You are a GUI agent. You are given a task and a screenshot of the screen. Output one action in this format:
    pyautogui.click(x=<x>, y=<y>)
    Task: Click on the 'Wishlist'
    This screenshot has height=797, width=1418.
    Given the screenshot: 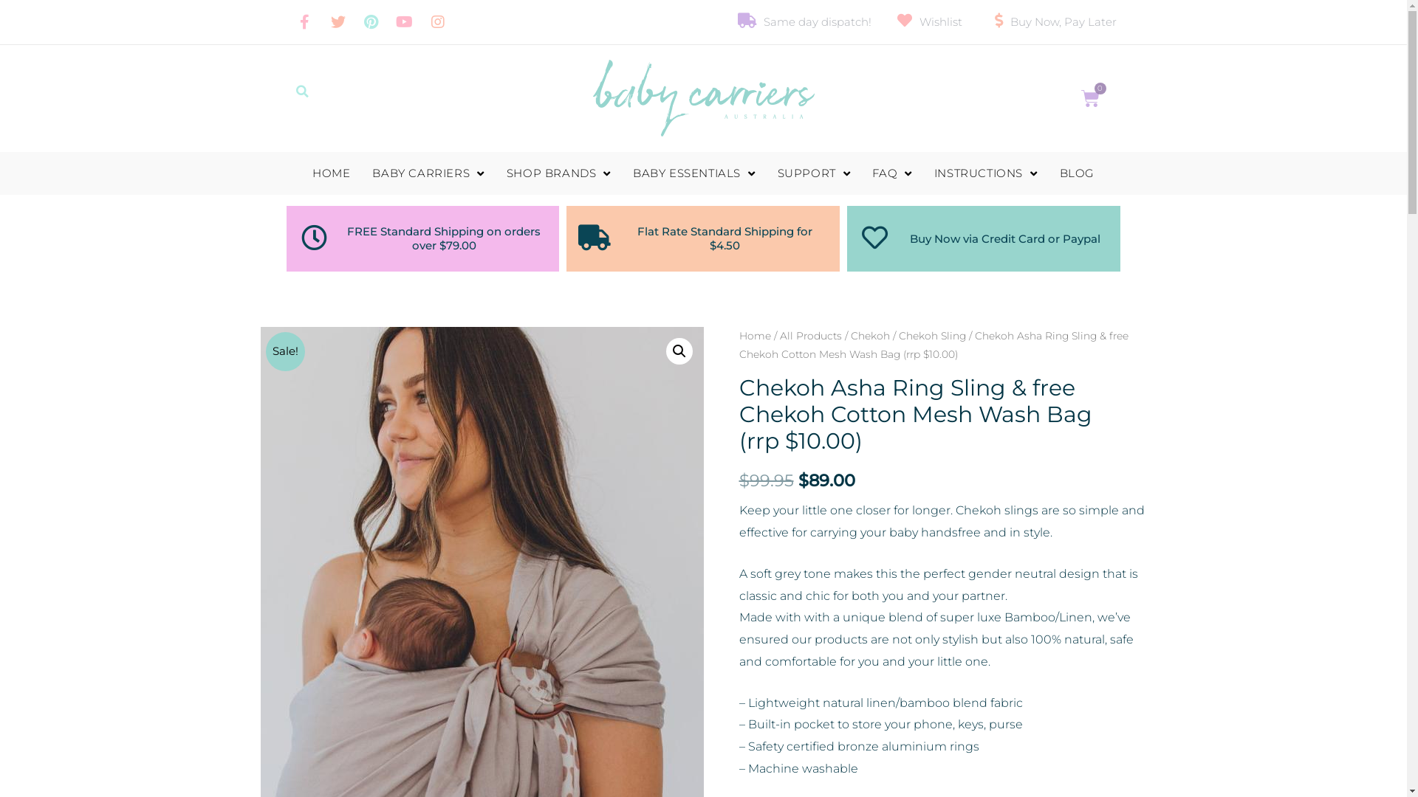 What is the action you would take?
    pyautogui.click(x=892, y=22)
    